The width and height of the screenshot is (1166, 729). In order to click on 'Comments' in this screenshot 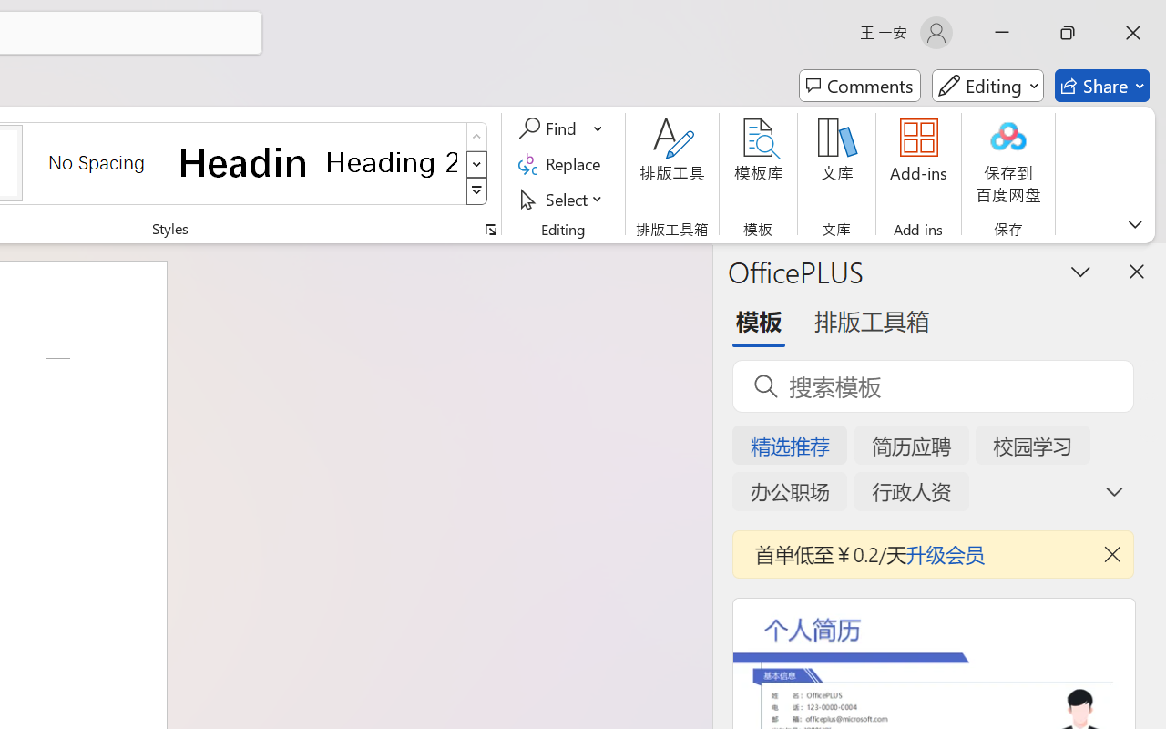, I will do `click(859, 86)`.